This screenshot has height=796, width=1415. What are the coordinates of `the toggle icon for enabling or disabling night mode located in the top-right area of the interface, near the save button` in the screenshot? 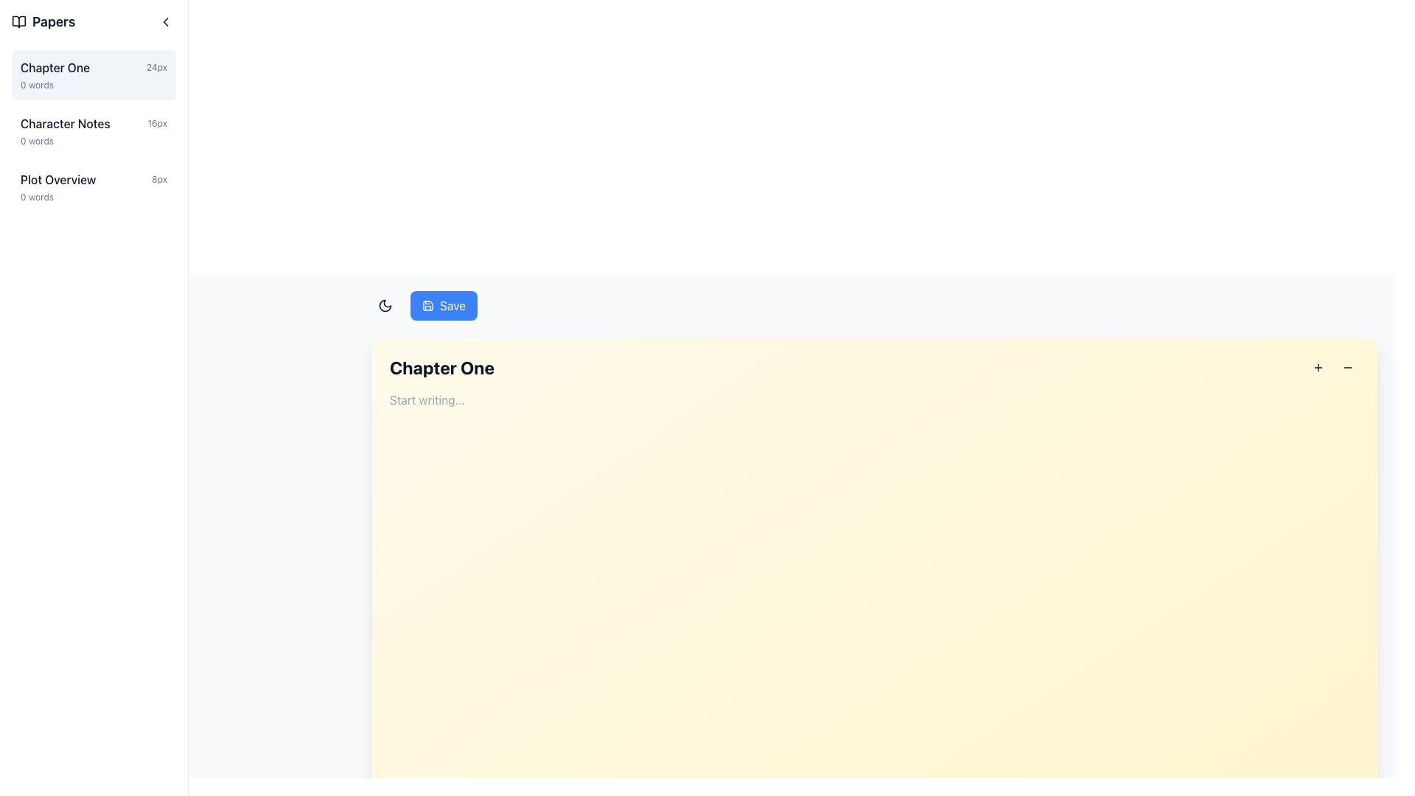 It's located at (385, 305).